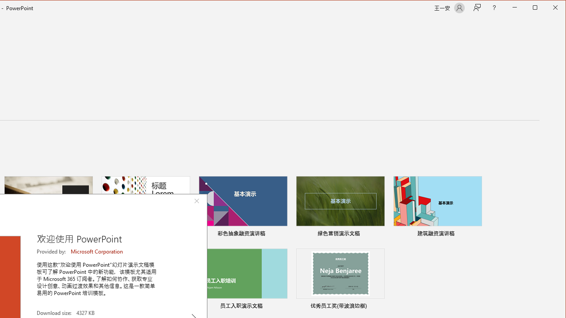 The image size is (566, 318). What do you see at coordinates (547, 8) in the screenshot?
I see `'Maximize'` at bounding box center [547, 8].